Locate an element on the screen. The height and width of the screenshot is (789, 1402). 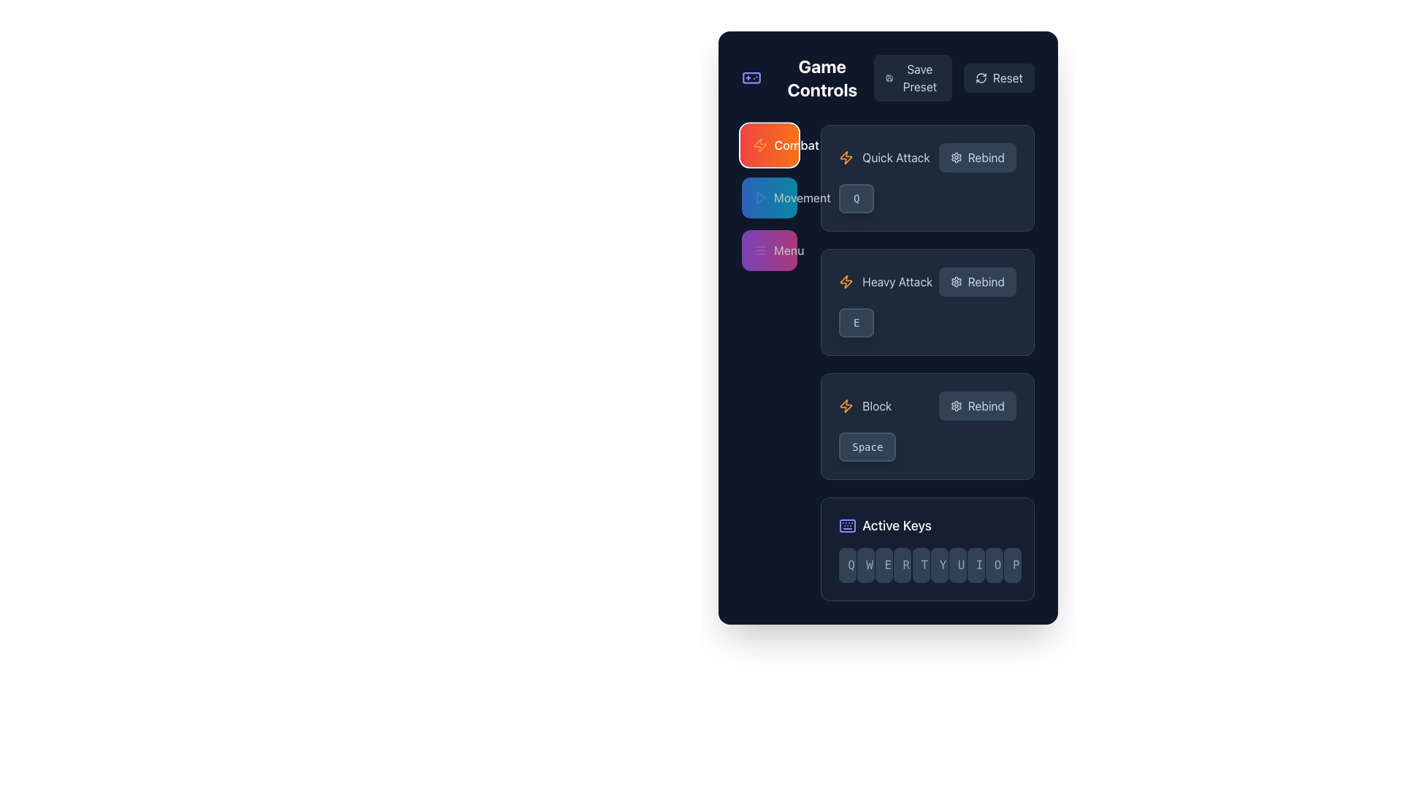
the 'Menu' button, which is the third button in a vertical list below 'Combat' and 'Movement', featuring a purple gradient background and an icon of three stacked horizontal lines is located at coordinates (778, 250).